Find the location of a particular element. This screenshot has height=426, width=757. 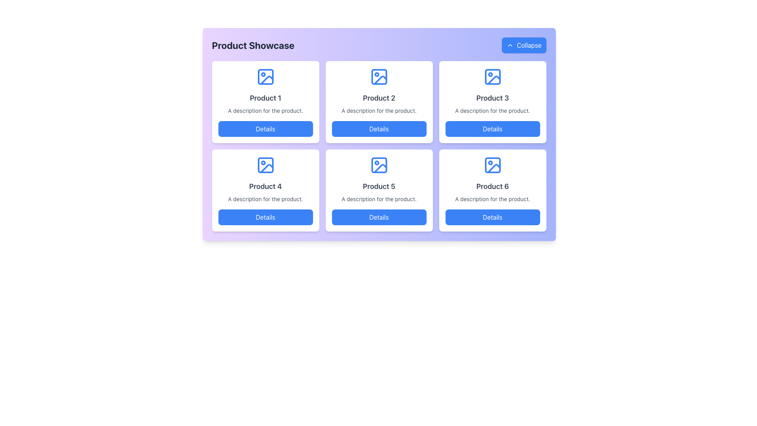

title 'Product 1' from the text label styled in bold and centered within the first card of the grid layout is located at coordinates (265, 98).